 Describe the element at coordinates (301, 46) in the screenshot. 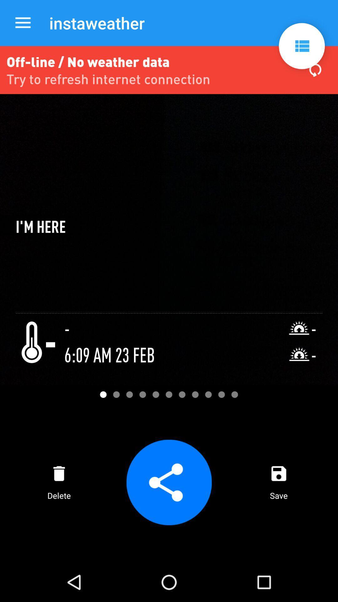

I see `autoplay oprinon` at that location.